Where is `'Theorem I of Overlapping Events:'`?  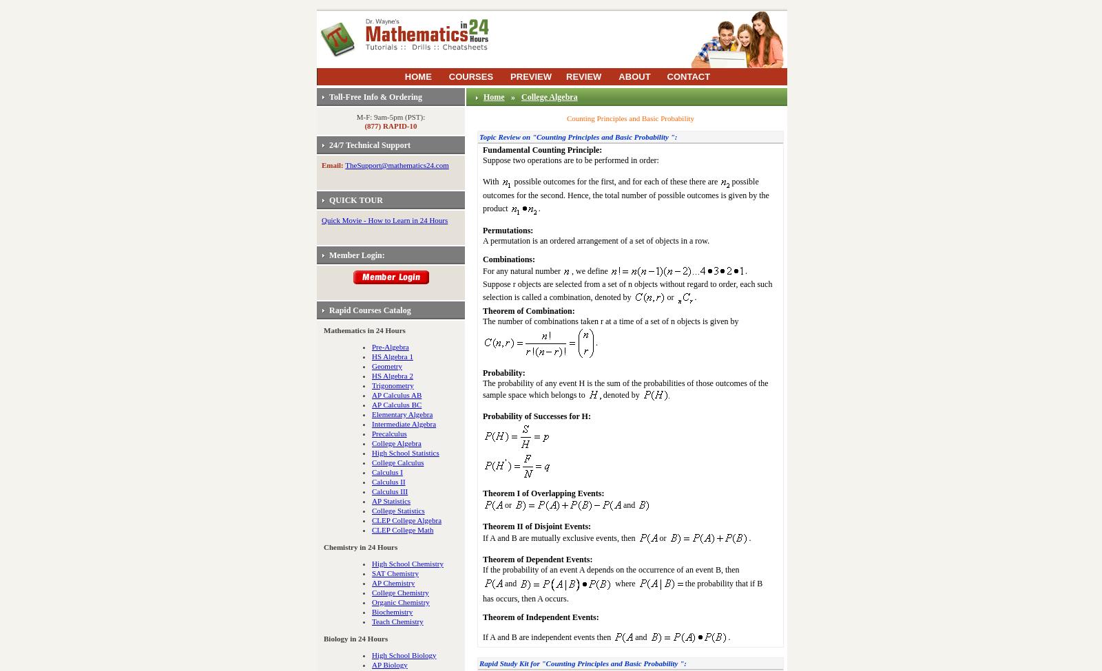
'Theorem I of Overlapping Events:' is located at coordinates (543, 493).